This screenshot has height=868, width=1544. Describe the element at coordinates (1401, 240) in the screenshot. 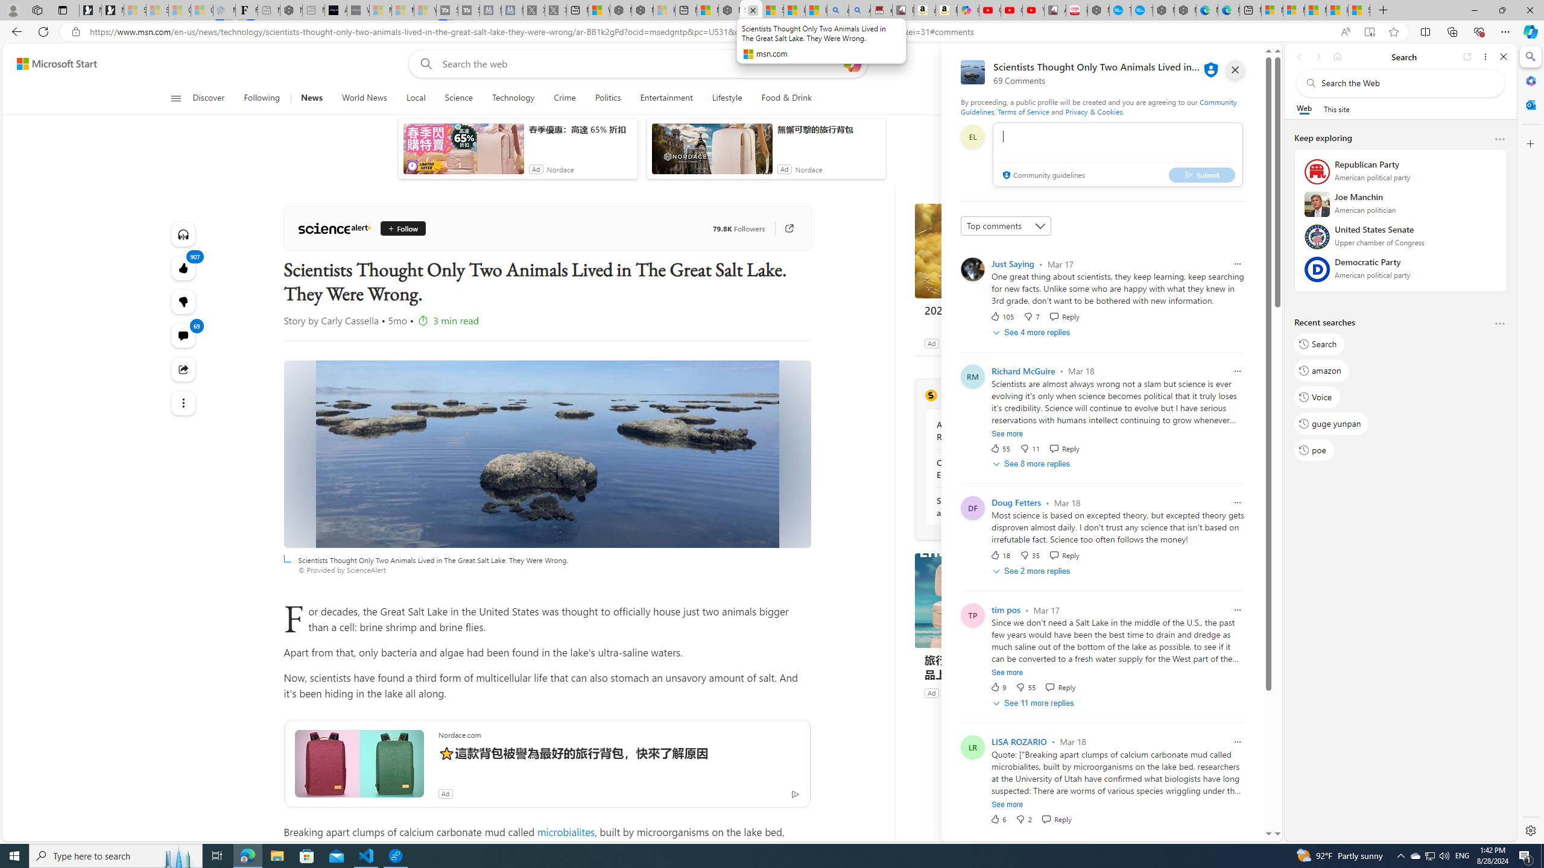

I see `'United States Senate Upper chamber of Congress'` at that location.